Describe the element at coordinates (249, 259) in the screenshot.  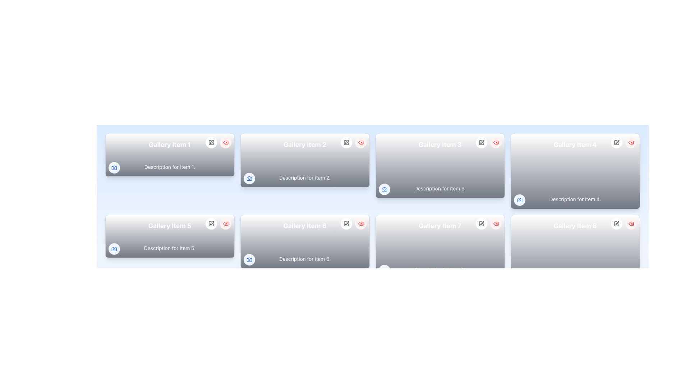
I see `the blue camera icon located in the left-bottom corner of 'Gallery Item 6'` at that location.